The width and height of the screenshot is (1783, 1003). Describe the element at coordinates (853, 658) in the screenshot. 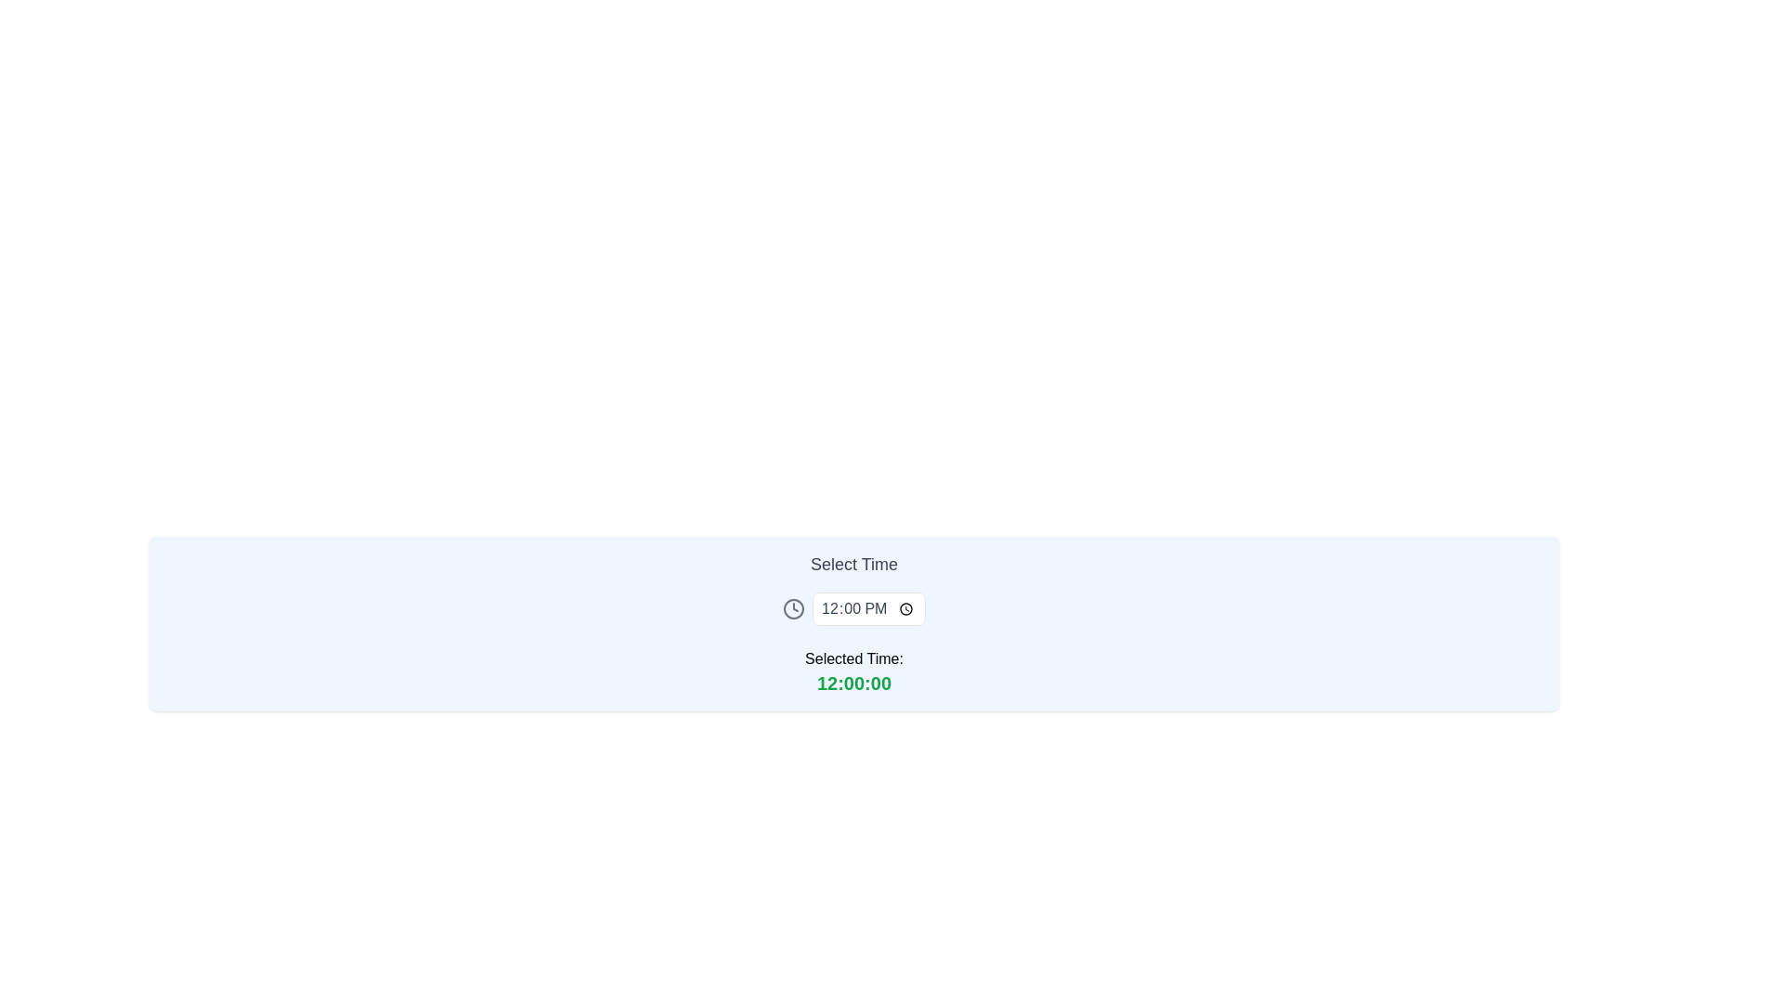

I see `the text label displaying 'Selected Time:' which is positioned above the time input section` at that location.